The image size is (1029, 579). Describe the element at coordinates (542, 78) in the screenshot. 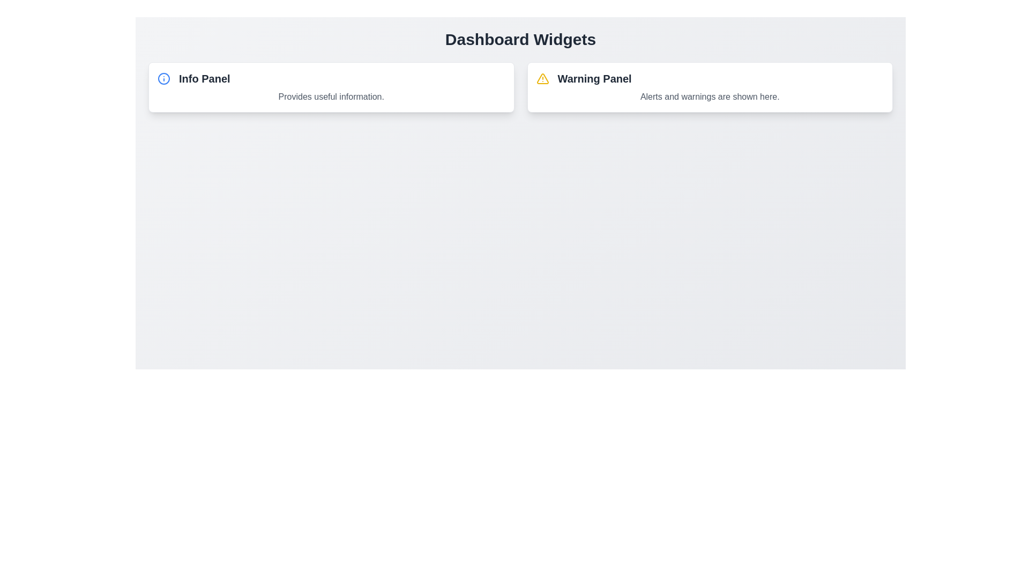

I see `the warning icon positioned to the left of the 'Warning Panel' text within the right-side panel of the interface` at that location.